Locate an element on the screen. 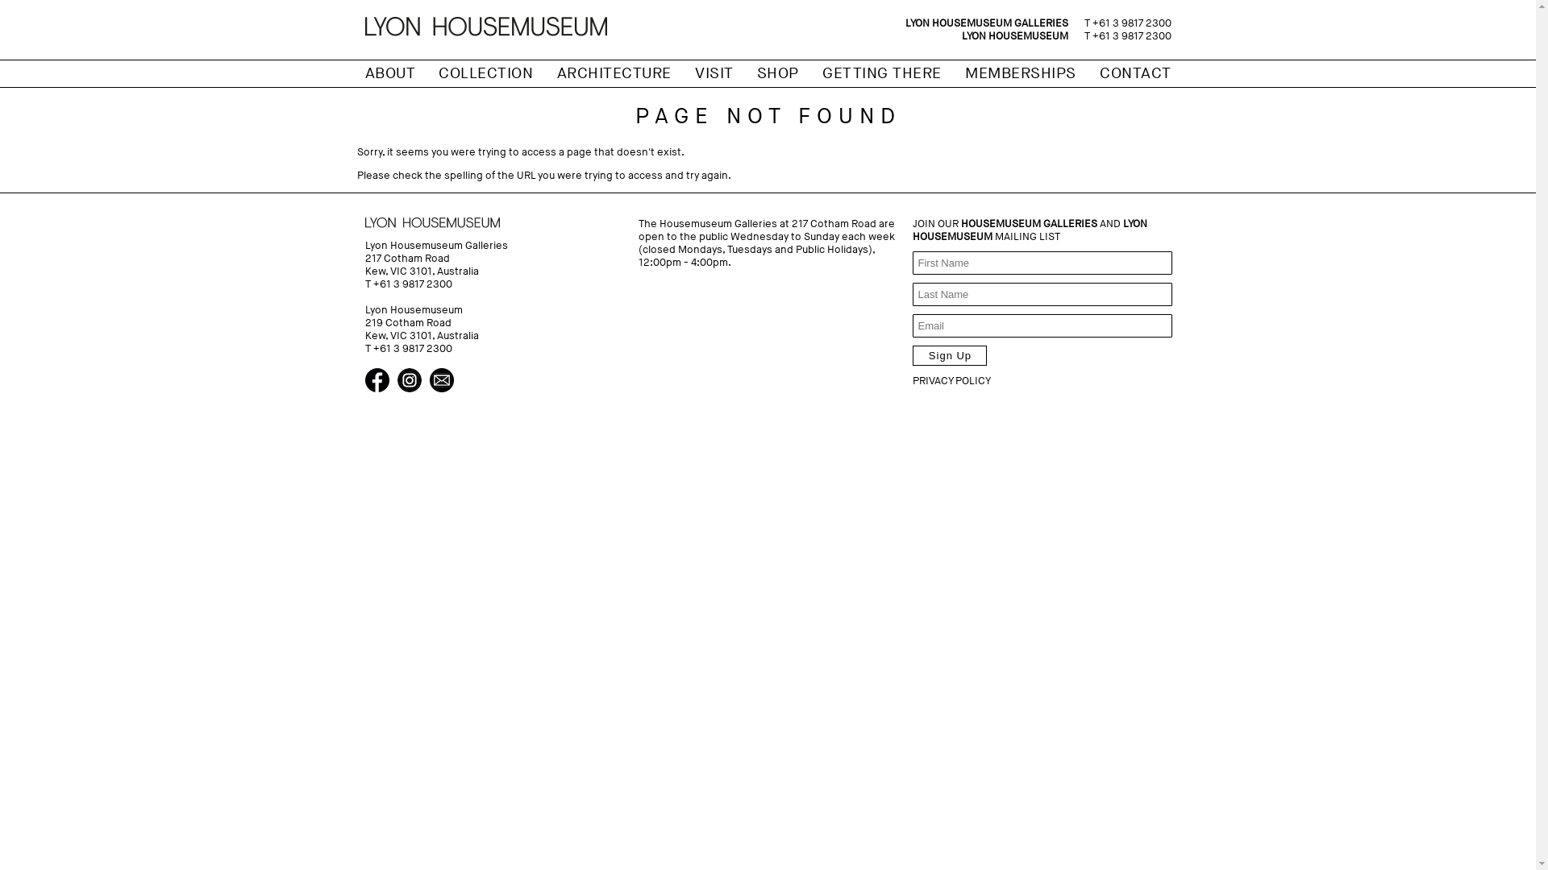  'CONTACT' is located at coordinates (1134, 73).